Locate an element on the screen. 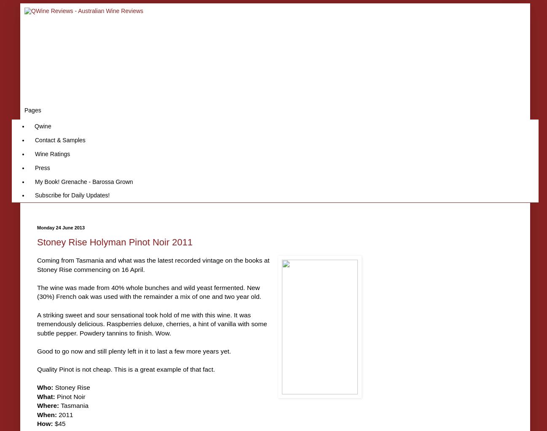  'Good to go now and still plenty left in it to last a few more years yet.' is located at coordinates (134, 350).